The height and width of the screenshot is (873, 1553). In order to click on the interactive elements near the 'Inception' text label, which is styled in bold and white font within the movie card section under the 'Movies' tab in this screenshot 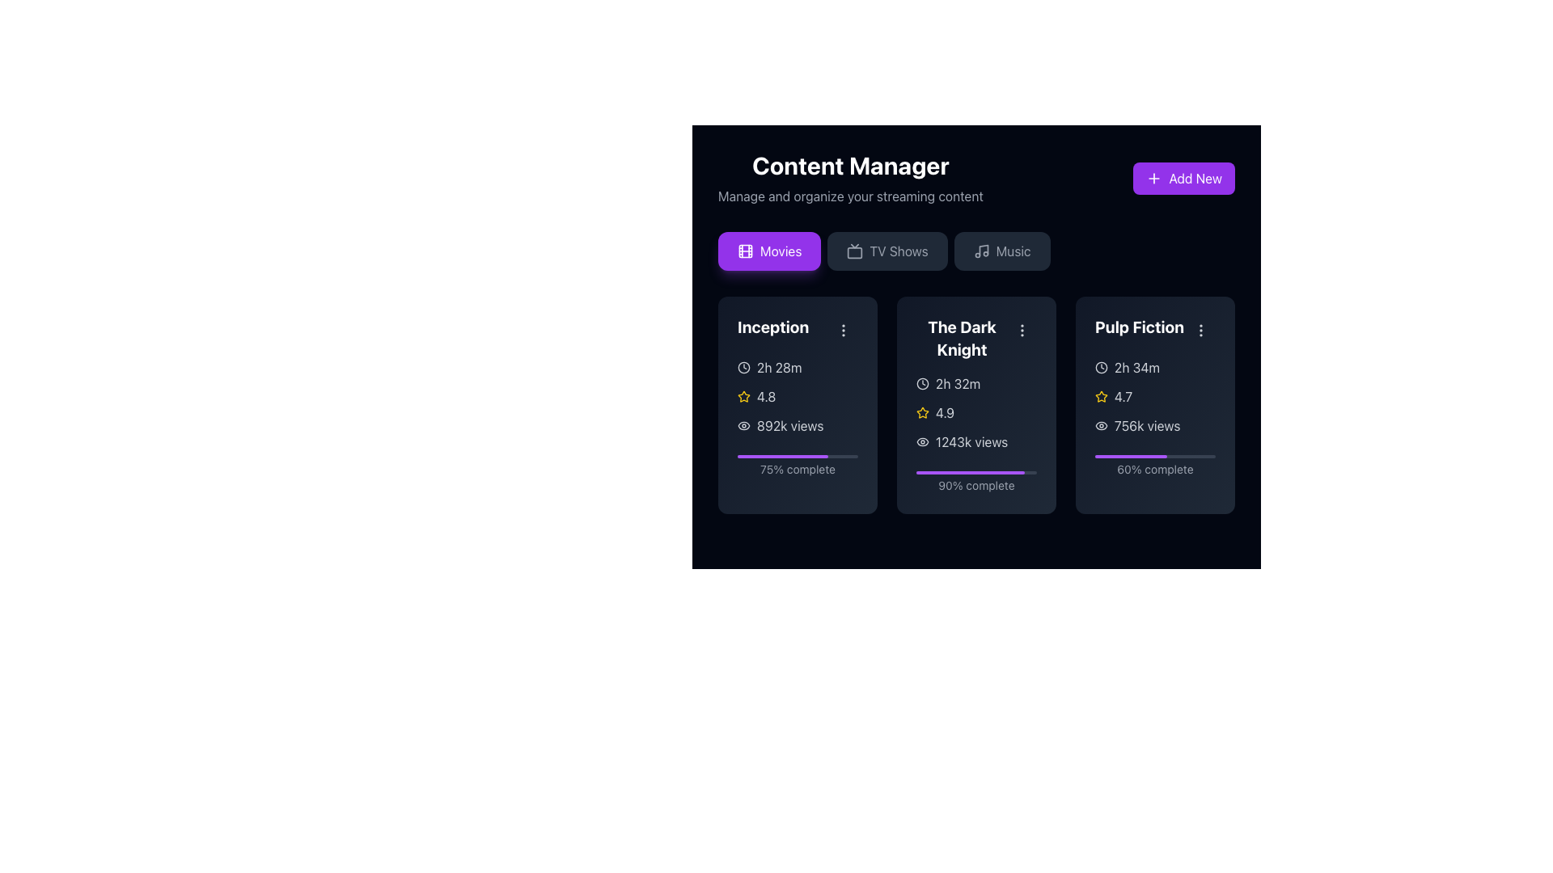, I will do `click(772, 327)`.